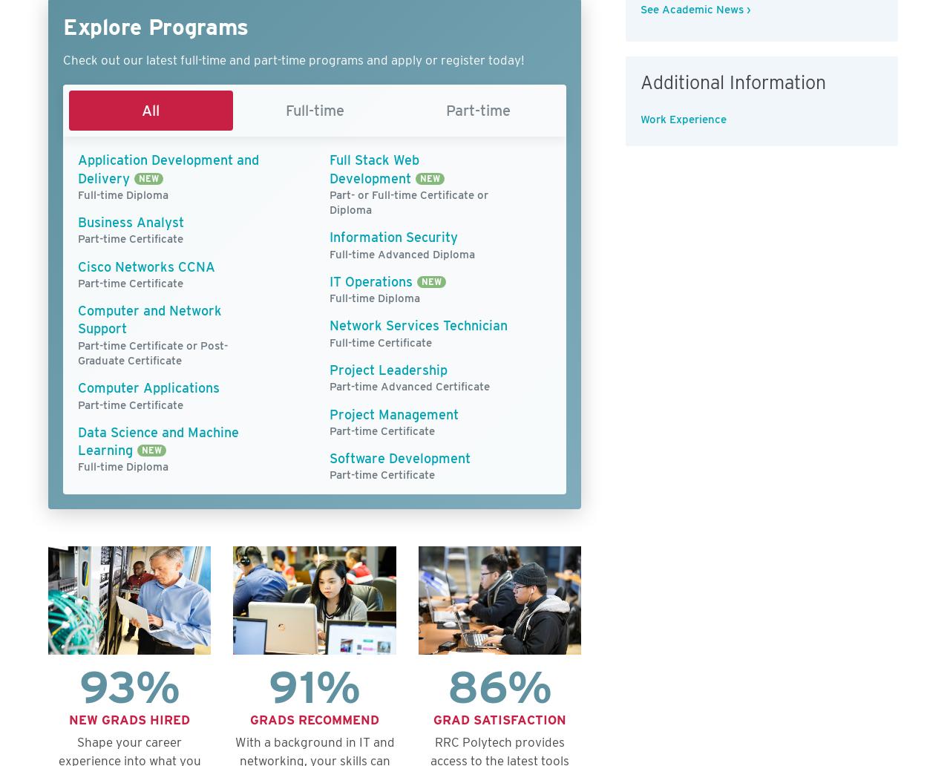 This screenshot has width=950, height=766. I want to click on 'Business Analyst', so click(131, 222).